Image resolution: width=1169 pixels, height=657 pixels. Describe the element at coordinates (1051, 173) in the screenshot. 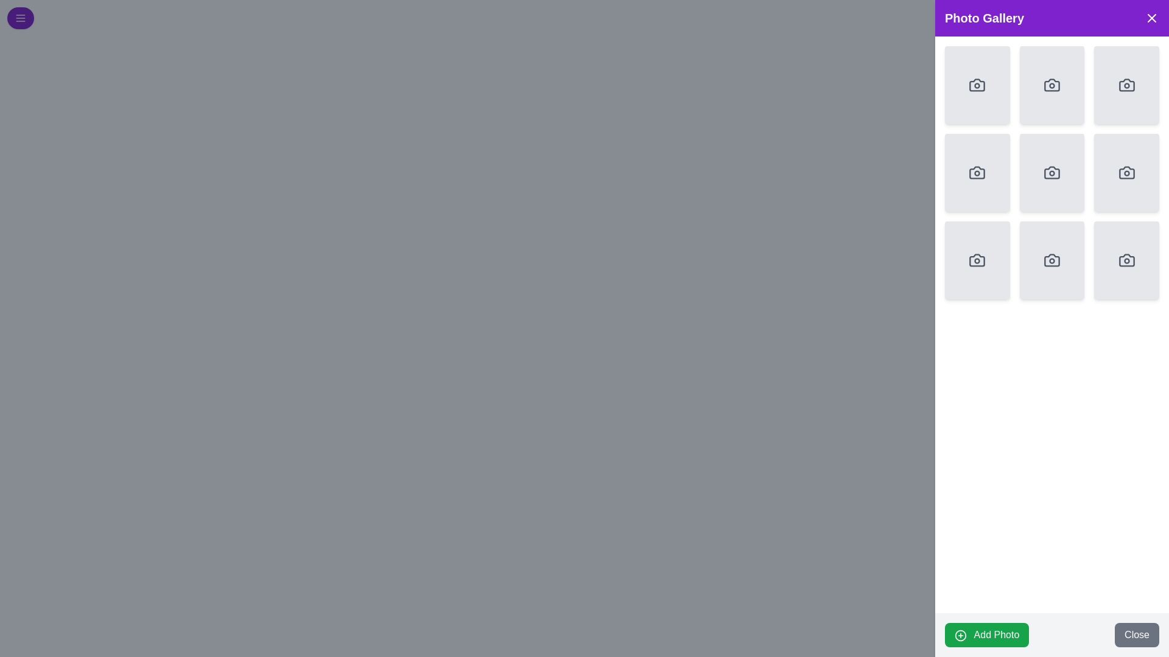

I see `the camera icon located in the 'Photo Gallery' section, which is the fifth icon in the 3x3 grid layout, positioned in the middle of the second row` at that location.